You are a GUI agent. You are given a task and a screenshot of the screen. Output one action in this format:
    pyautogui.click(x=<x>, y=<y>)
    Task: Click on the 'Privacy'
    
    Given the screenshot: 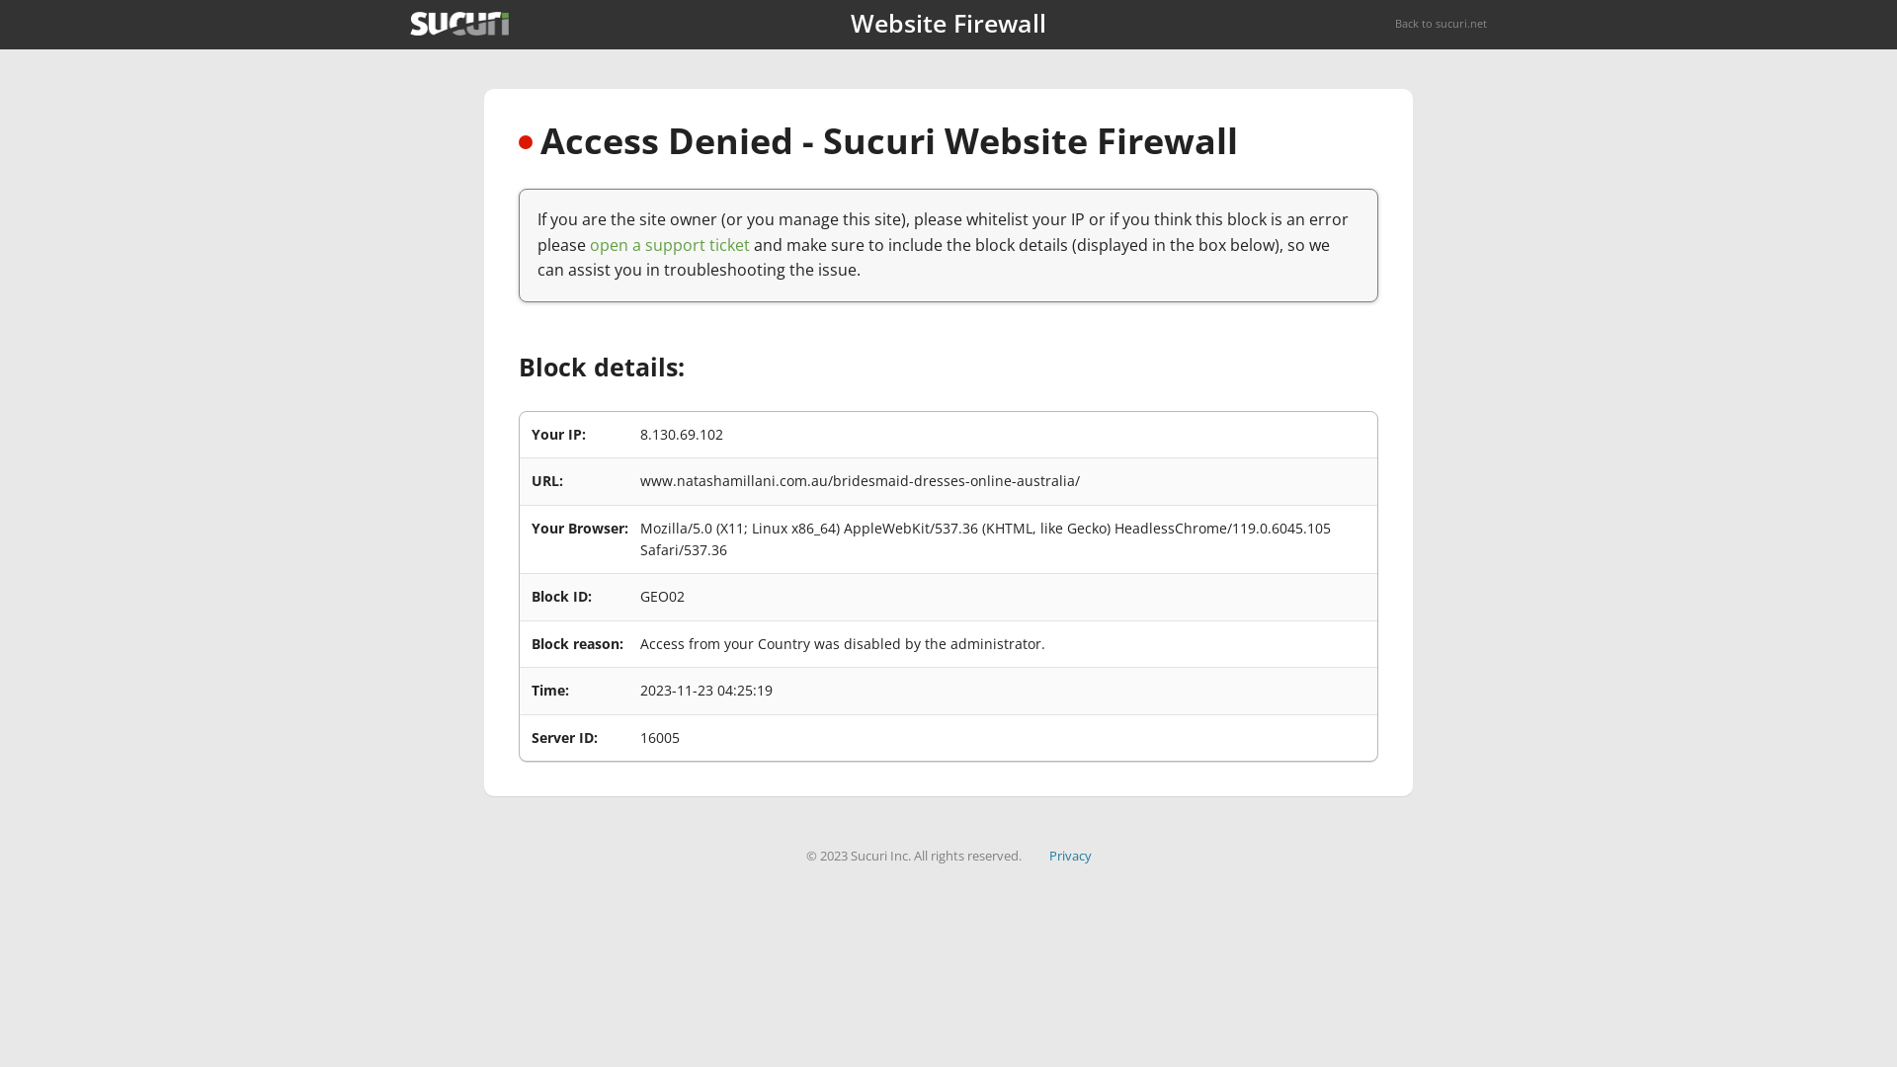 What is the action you would take?
    pyautogui.click(x=1047, y=855)
    